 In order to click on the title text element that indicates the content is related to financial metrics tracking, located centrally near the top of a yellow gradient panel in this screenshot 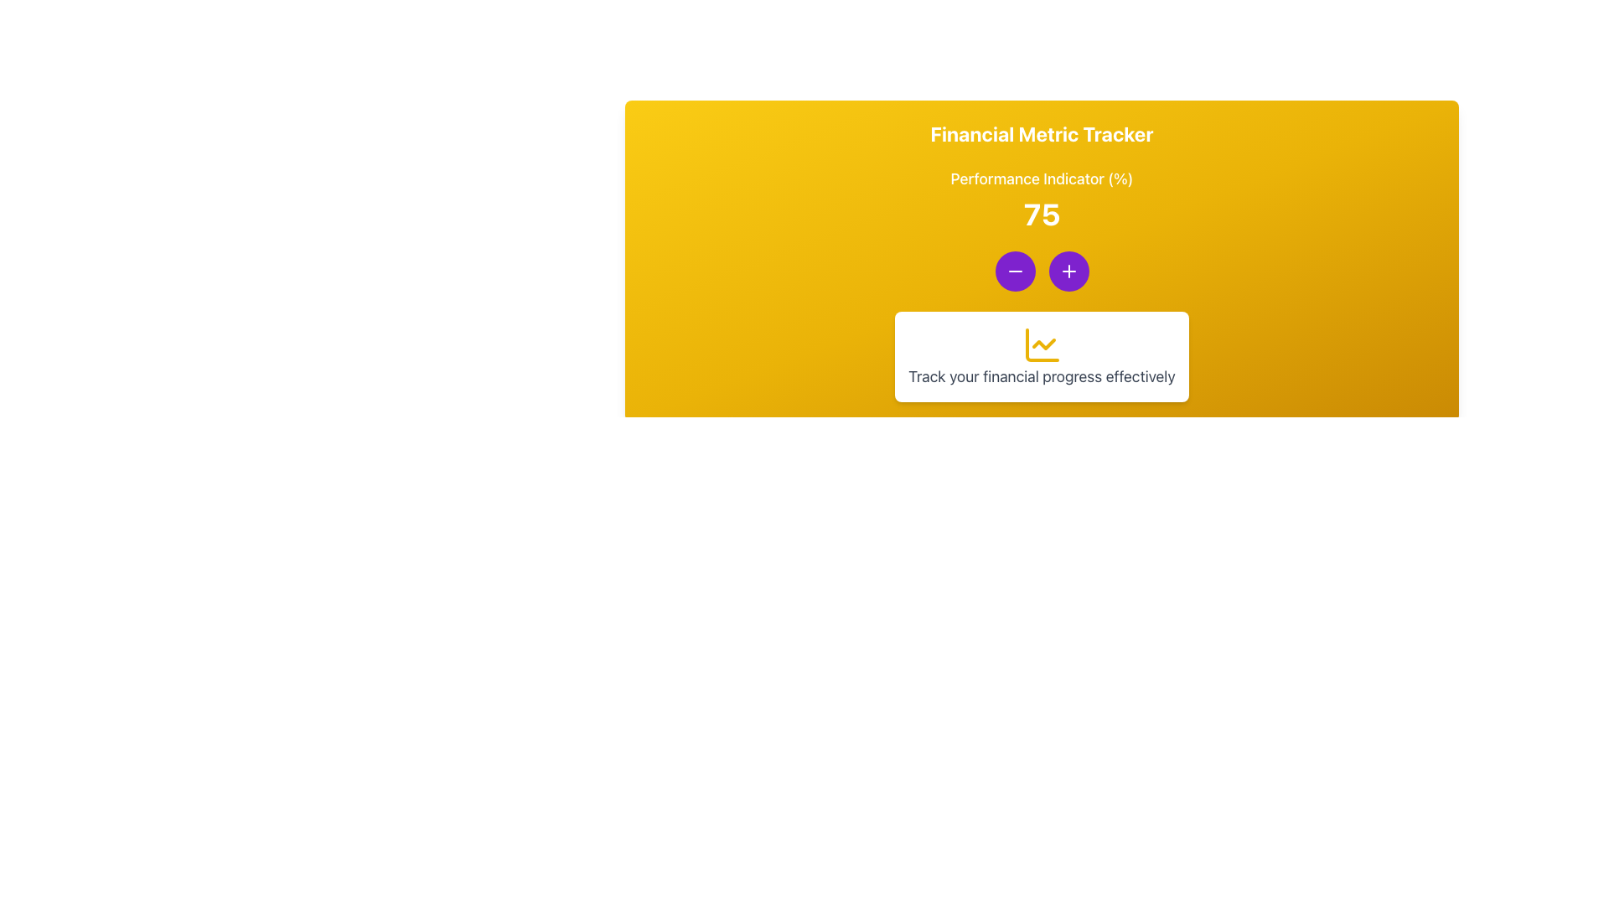, I will do `click(1041, 132)`.